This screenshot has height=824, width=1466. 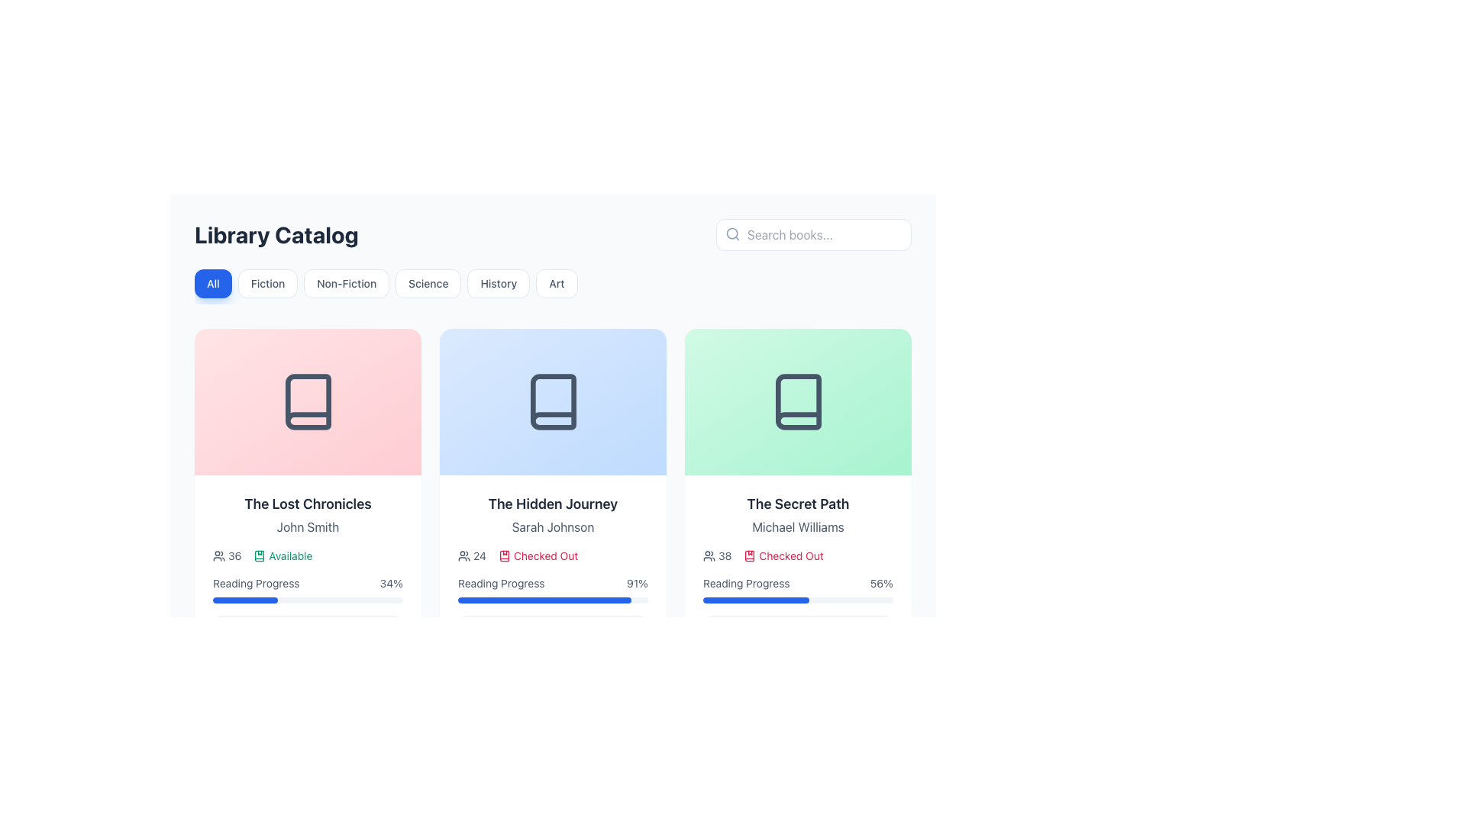 I want to click on the minimalist magnifying glass icon located in the search bar at the top-right section of the interface, positioned on the leftmost side inside the input field, so click(x=733, y=234).